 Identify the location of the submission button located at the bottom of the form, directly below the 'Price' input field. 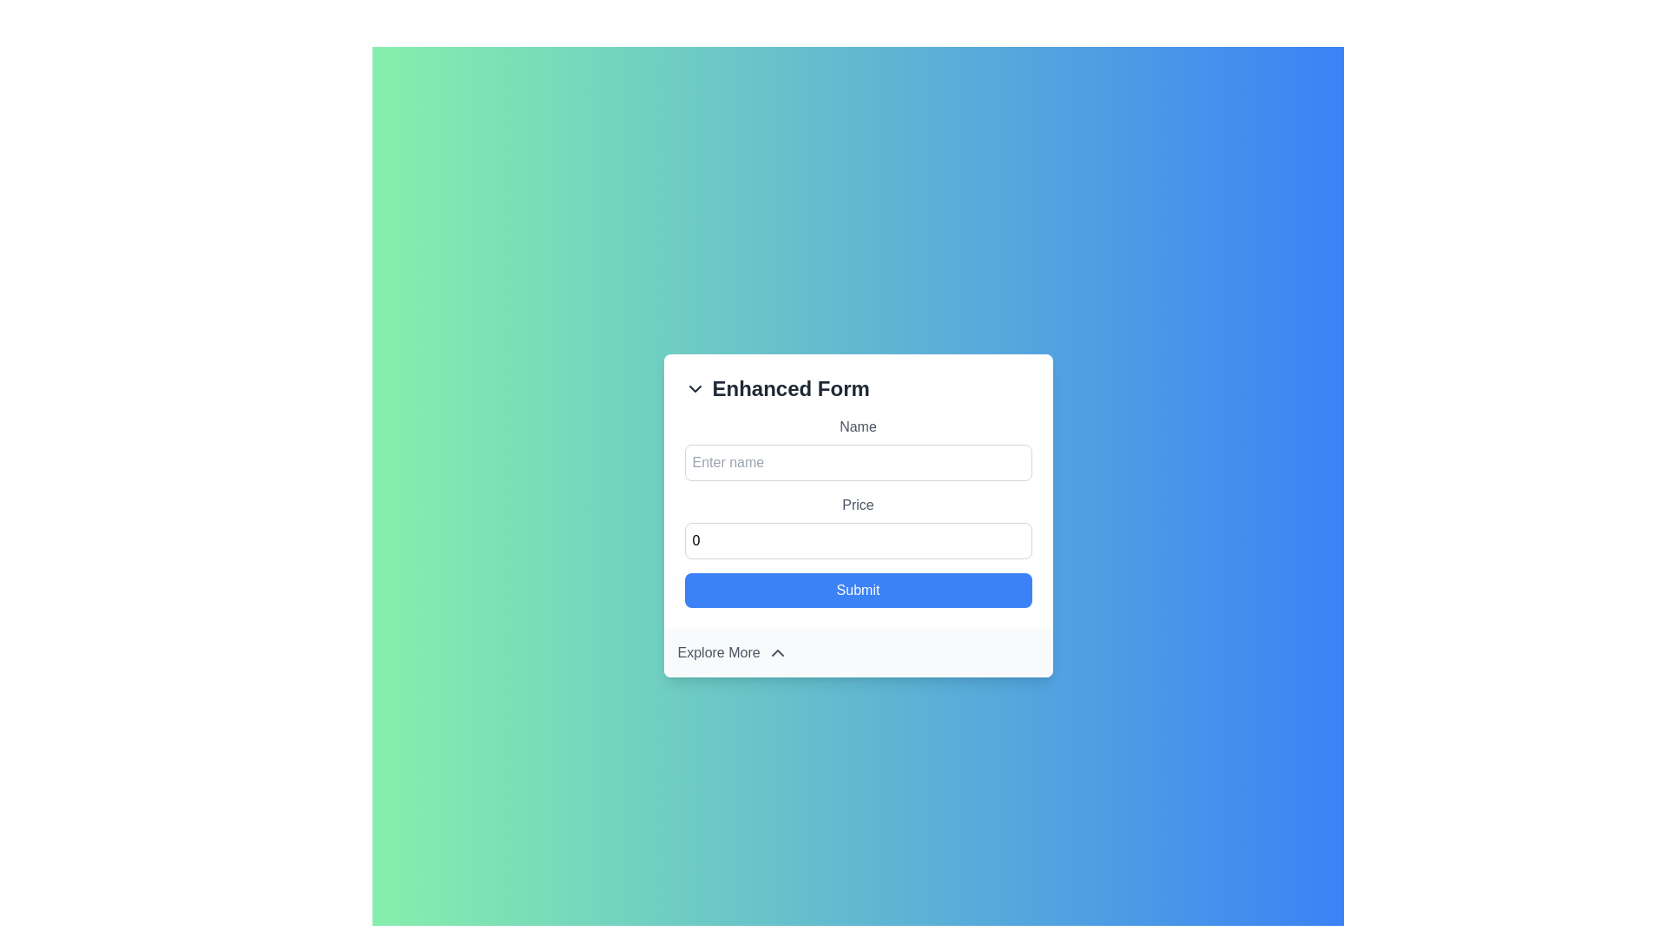
(858, 589).